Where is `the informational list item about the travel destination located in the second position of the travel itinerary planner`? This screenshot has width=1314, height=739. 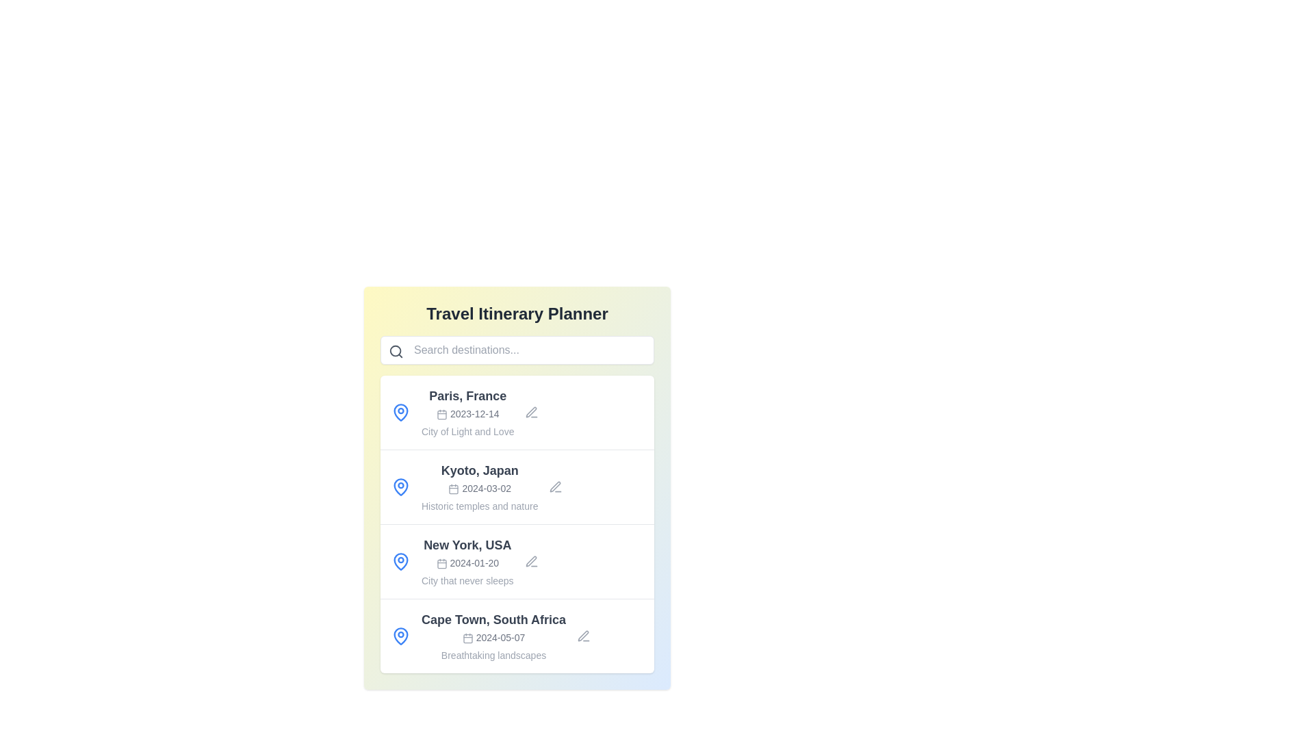
the informational list item about the travel destination located in the second position of the travel itinerary planner is located at coordinates (480, 487).